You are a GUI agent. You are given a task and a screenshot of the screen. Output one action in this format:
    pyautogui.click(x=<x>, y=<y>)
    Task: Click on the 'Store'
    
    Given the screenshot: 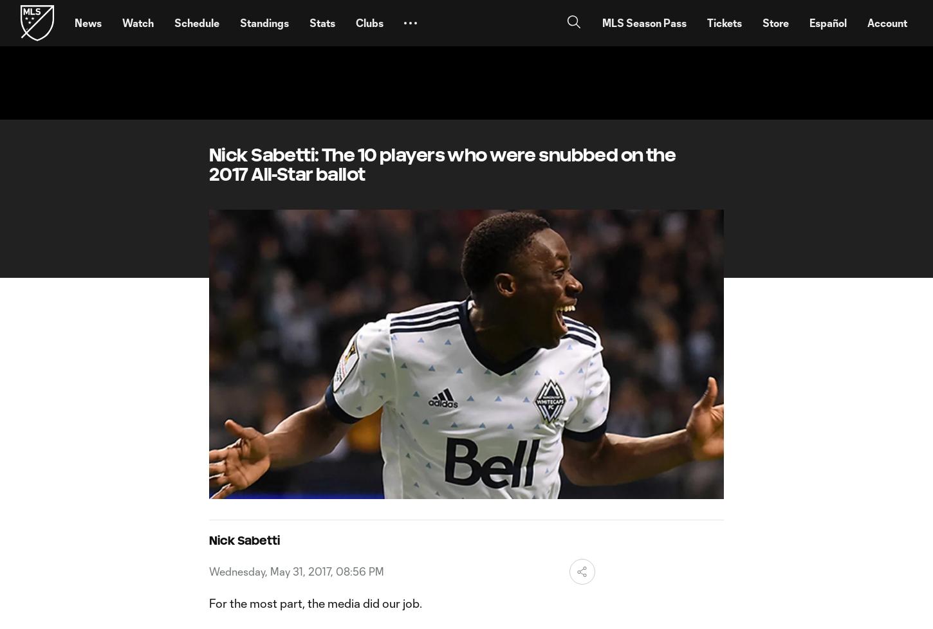 What is the action you would take?
    pyautogui.click(x=761, y=23)
    